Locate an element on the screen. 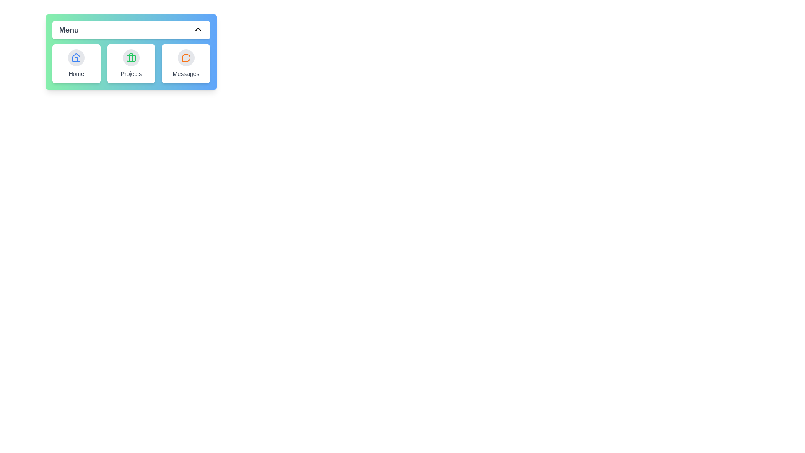  the menu item Messages to display its tooltip is located at coordinates (186, 63).